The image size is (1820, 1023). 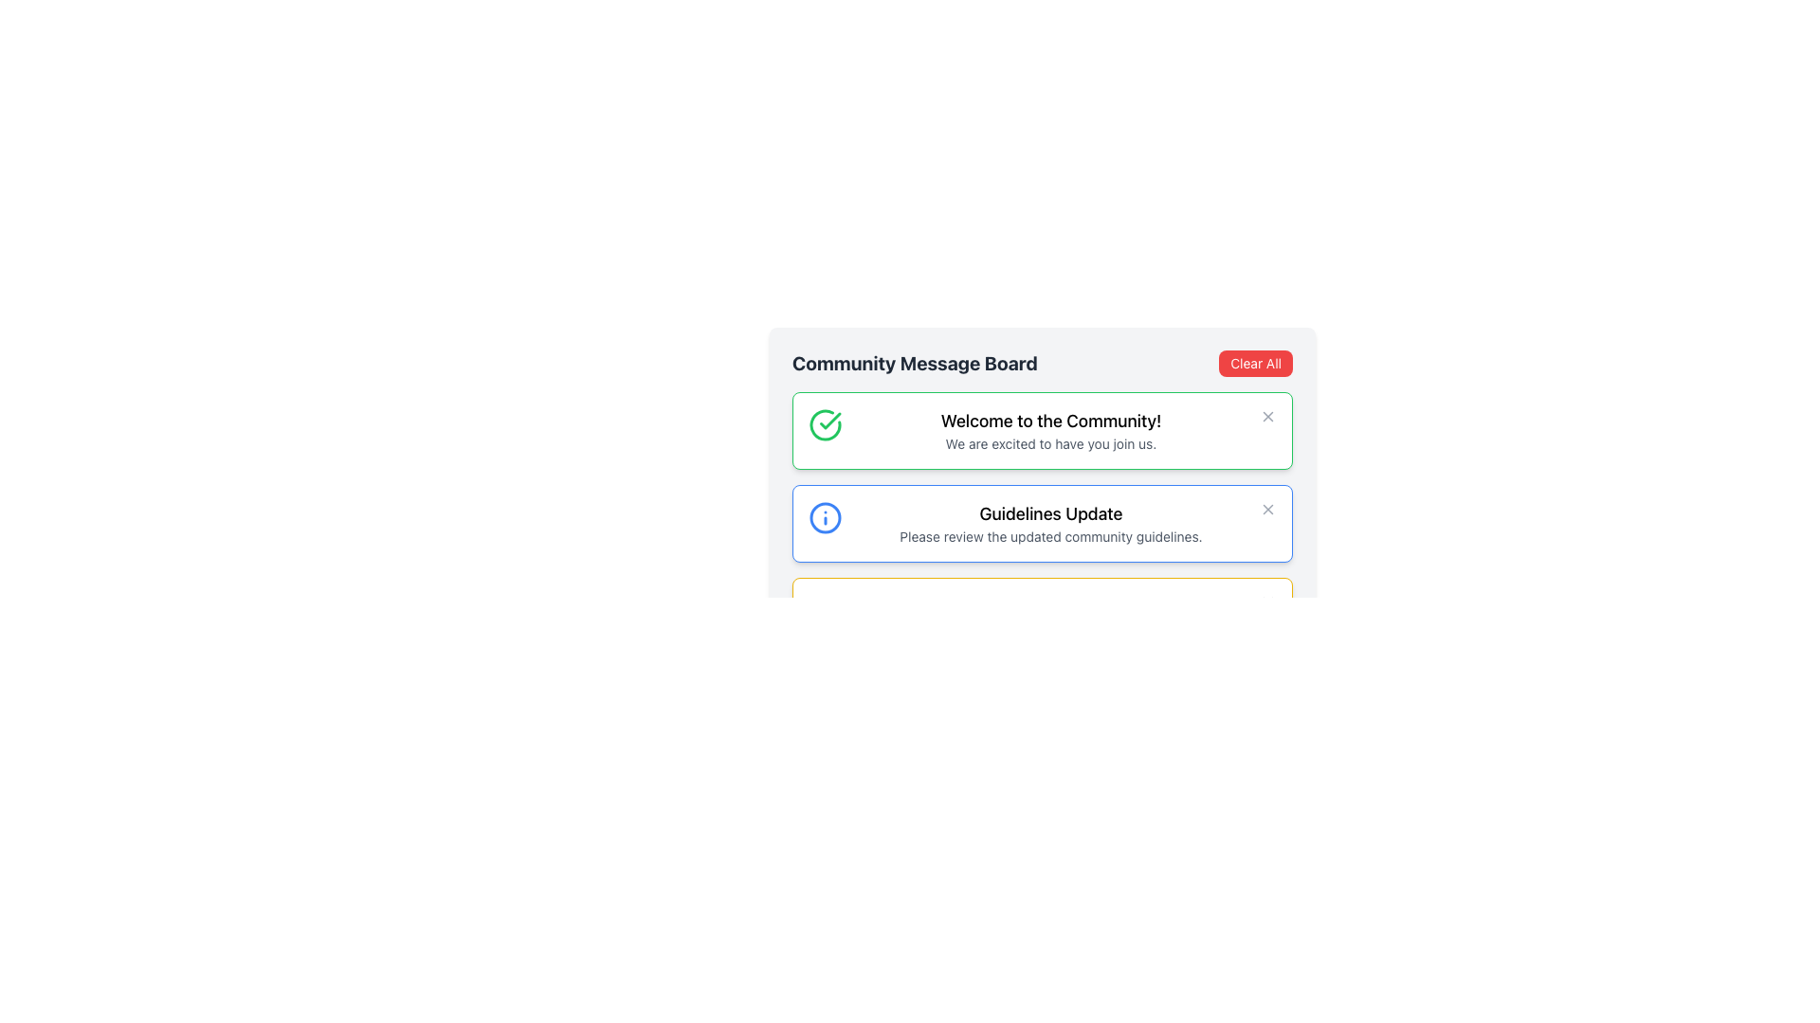 I want to click on the static text label that provides additional information about the 'Guidelines Update' notification, located beneath the 'Guidelines Update' heading in the notification box on the 'Community Message Board' interface, so click(x=1049, y=537).